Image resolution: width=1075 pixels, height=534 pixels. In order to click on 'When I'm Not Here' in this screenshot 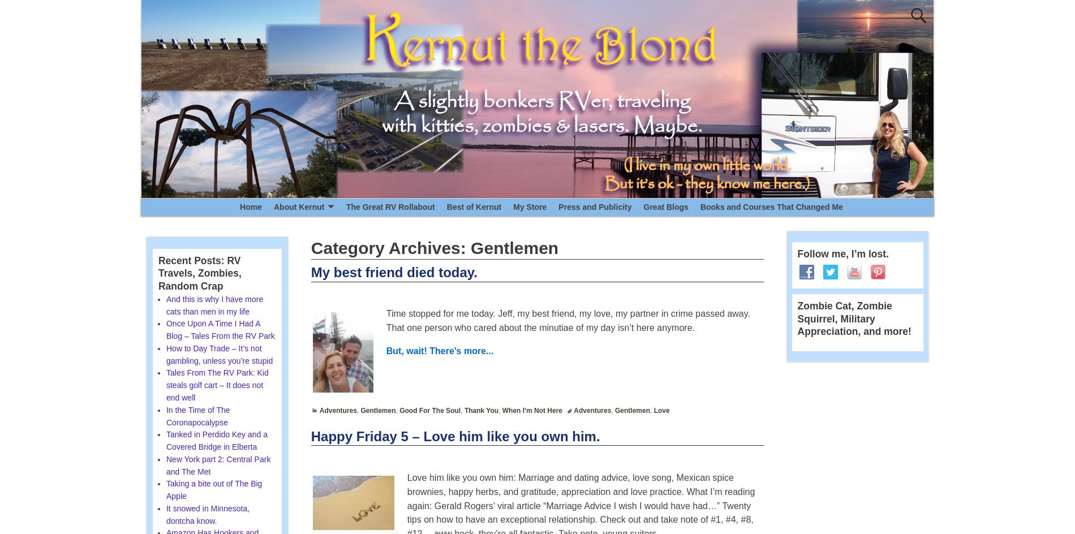, I will do `click(501, 410)`.